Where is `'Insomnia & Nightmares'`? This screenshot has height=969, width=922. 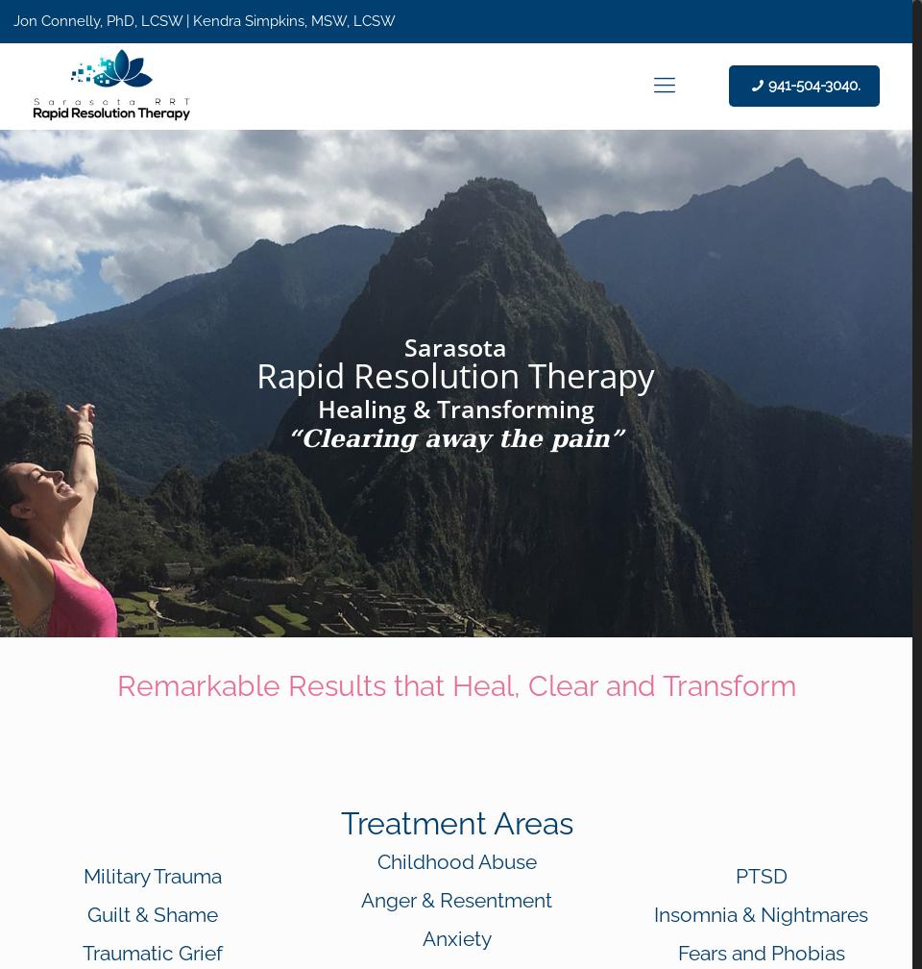
'Insomnia & Nightmares' is located at coordinates (761, 914).